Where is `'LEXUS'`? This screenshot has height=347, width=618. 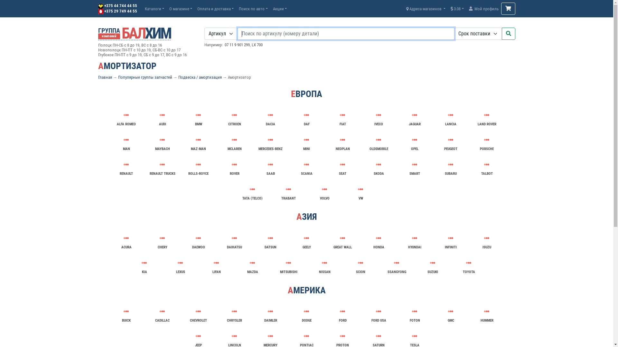 'LEXUS' is located at coordinates (180, 262).